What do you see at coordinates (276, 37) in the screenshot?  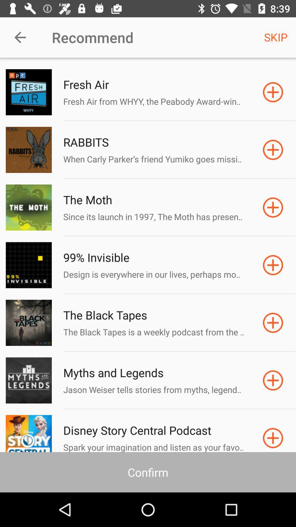 I see `the item to the right of recommend` at bounding box center [276, 37].